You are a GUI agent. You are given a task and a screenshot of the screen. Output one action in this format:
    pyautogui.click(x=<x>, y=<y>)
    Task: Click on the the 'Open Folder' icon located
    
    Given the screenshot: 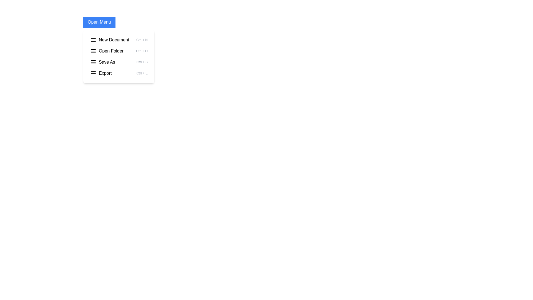 What is the action you would take?
    pyautogui.click(x=93, y=51)
    